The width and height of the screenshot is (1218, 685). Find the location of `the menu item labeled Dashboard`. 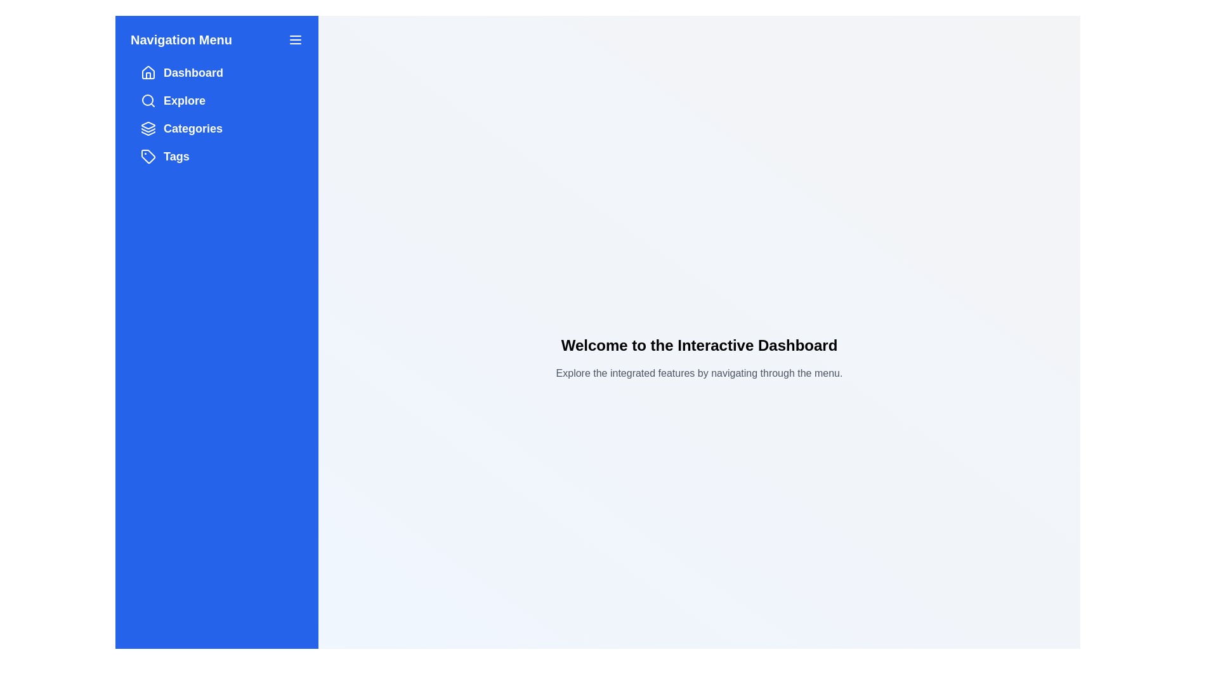

the menu item labeled Dashboard is located at coordinates (216, 73).